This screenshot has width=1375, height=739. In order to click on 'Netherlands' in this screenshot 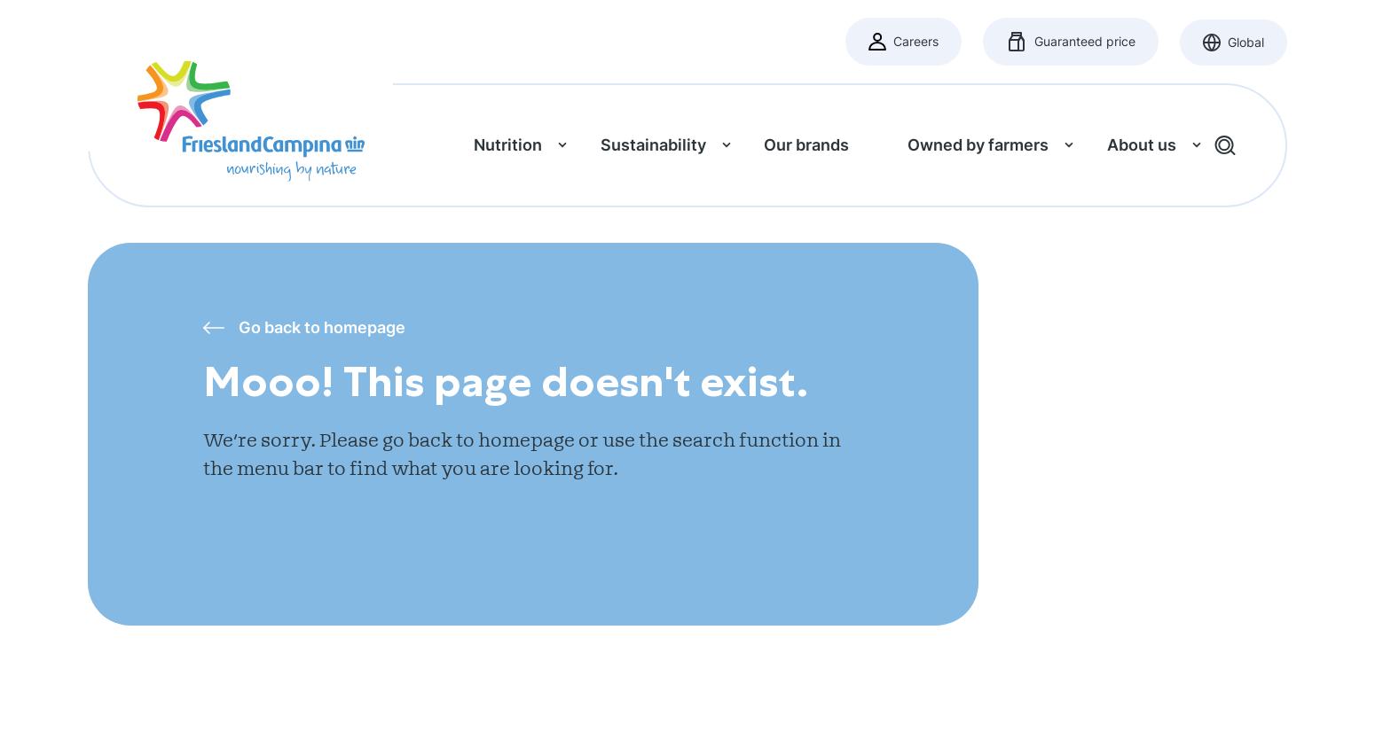, I will do `click(574, 261)`.